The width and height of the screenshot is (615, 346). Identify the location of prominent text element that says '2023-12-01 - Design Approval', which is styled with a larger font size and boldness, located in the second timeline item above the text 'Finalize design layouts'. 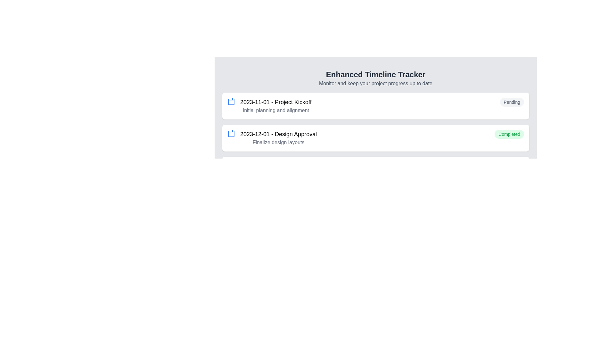
(278, 134).